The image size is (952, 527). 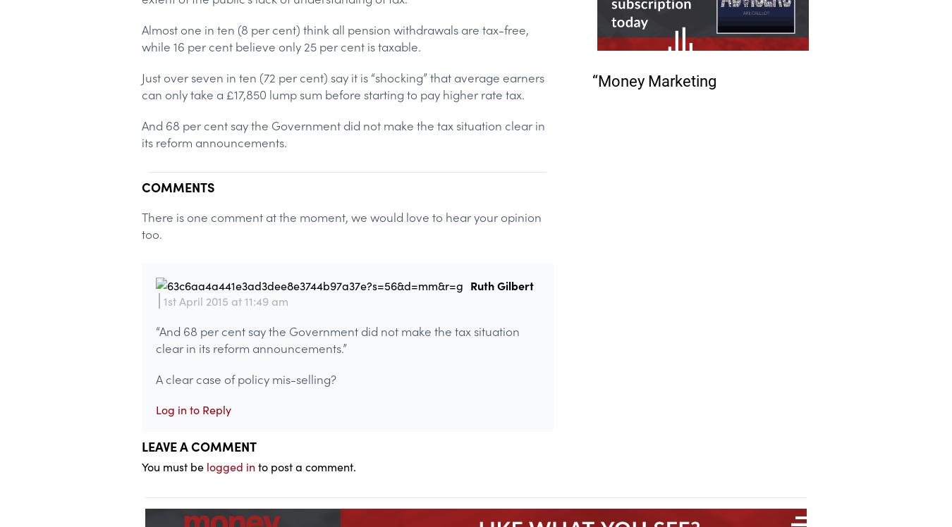 I want to click on 'Money Marketing', so click(x=657, y=81).